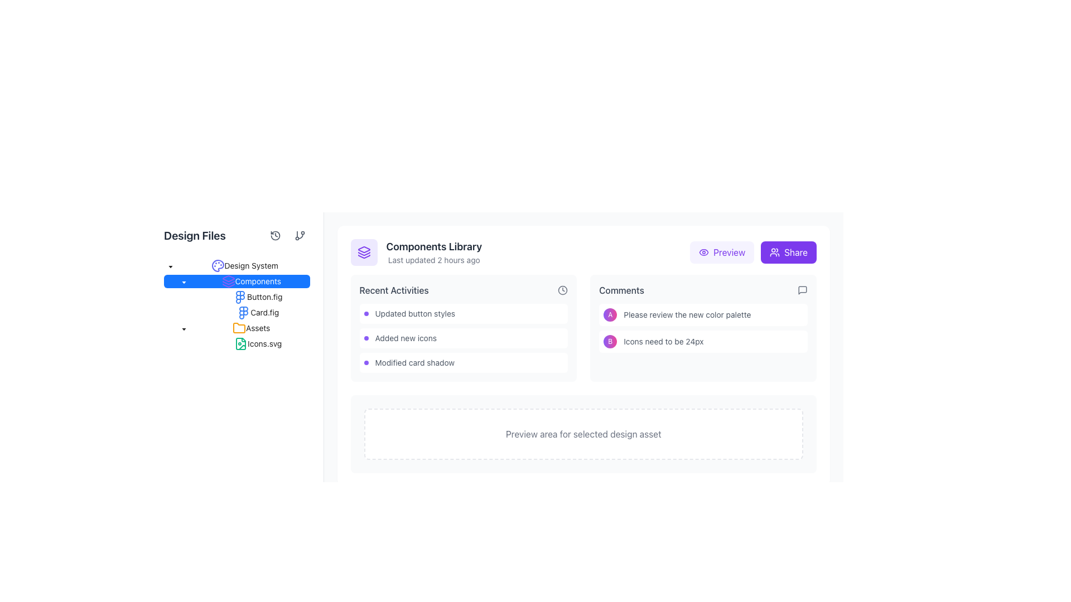  I want to click on the downward caret icon on the 'Components' Tree item in the file navigator, so click(236, 281).